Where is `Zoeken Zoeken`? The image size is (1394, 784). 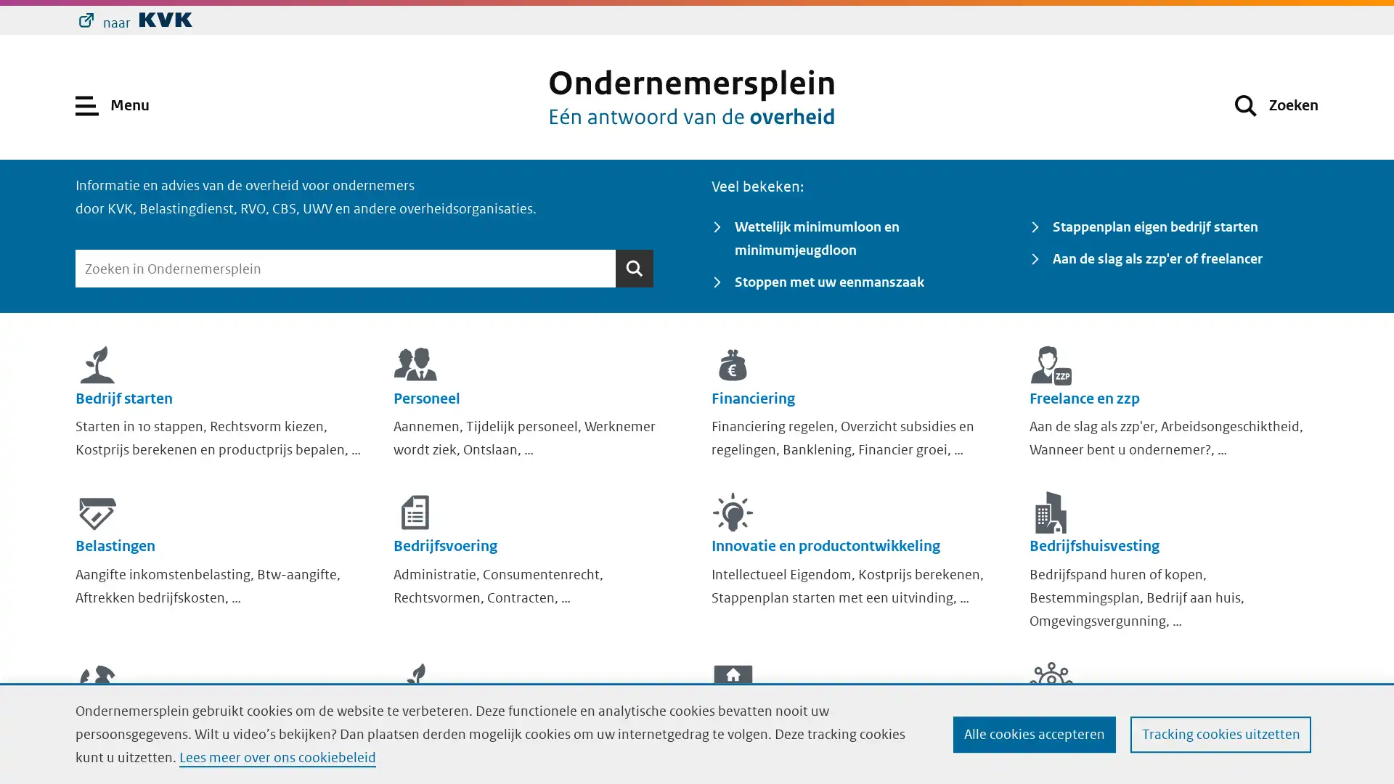
Zoeken Zoeken is located at coordinates (634, 269).